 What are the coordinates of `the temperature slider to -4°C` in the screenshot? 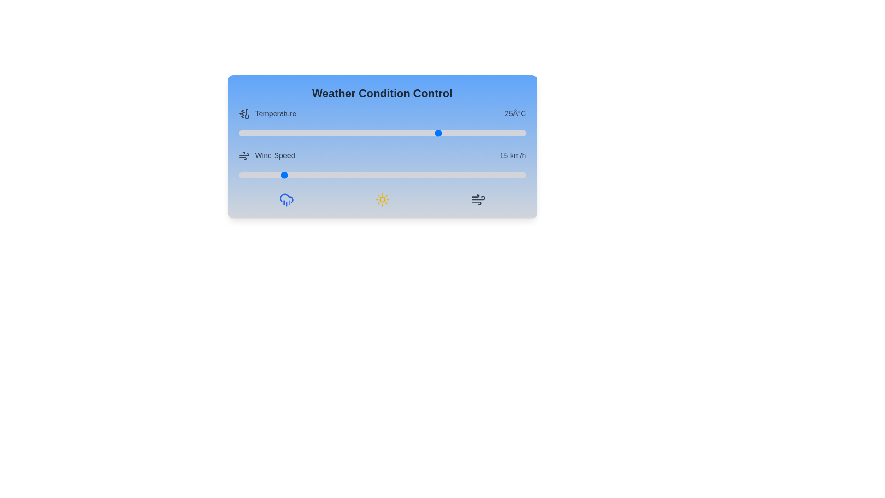 It's located at (272, 133).